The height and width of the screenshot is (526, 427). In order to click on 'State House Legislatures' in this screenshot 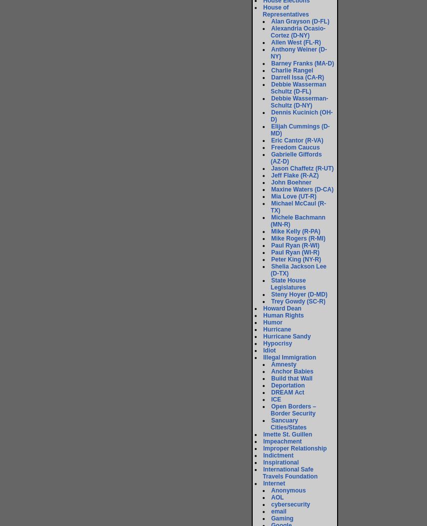, I will do `click(270, 283)`.